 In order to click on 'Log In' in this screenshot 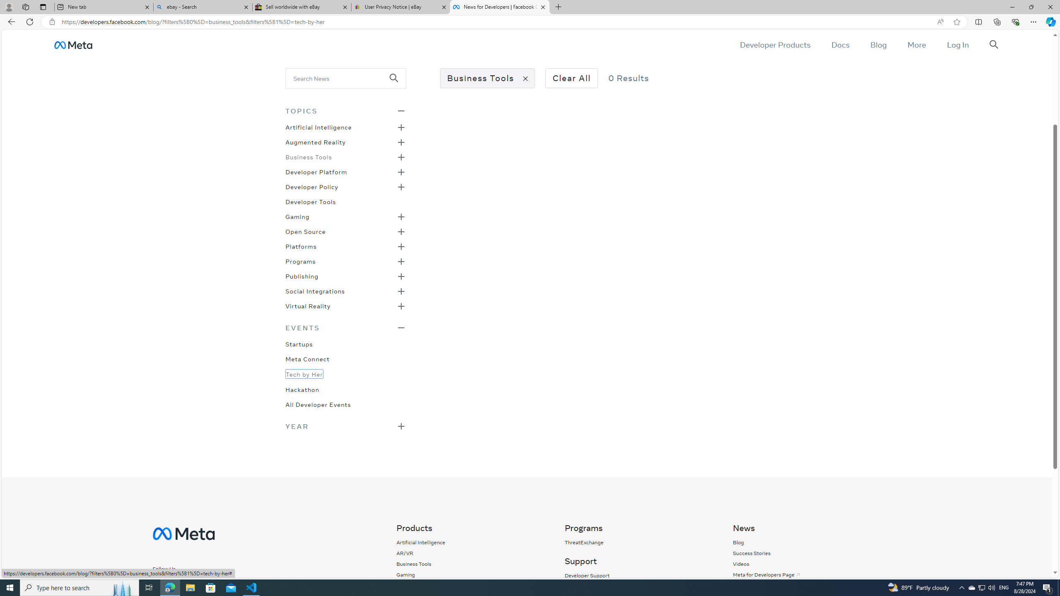, I will do `click(957, 44)`.